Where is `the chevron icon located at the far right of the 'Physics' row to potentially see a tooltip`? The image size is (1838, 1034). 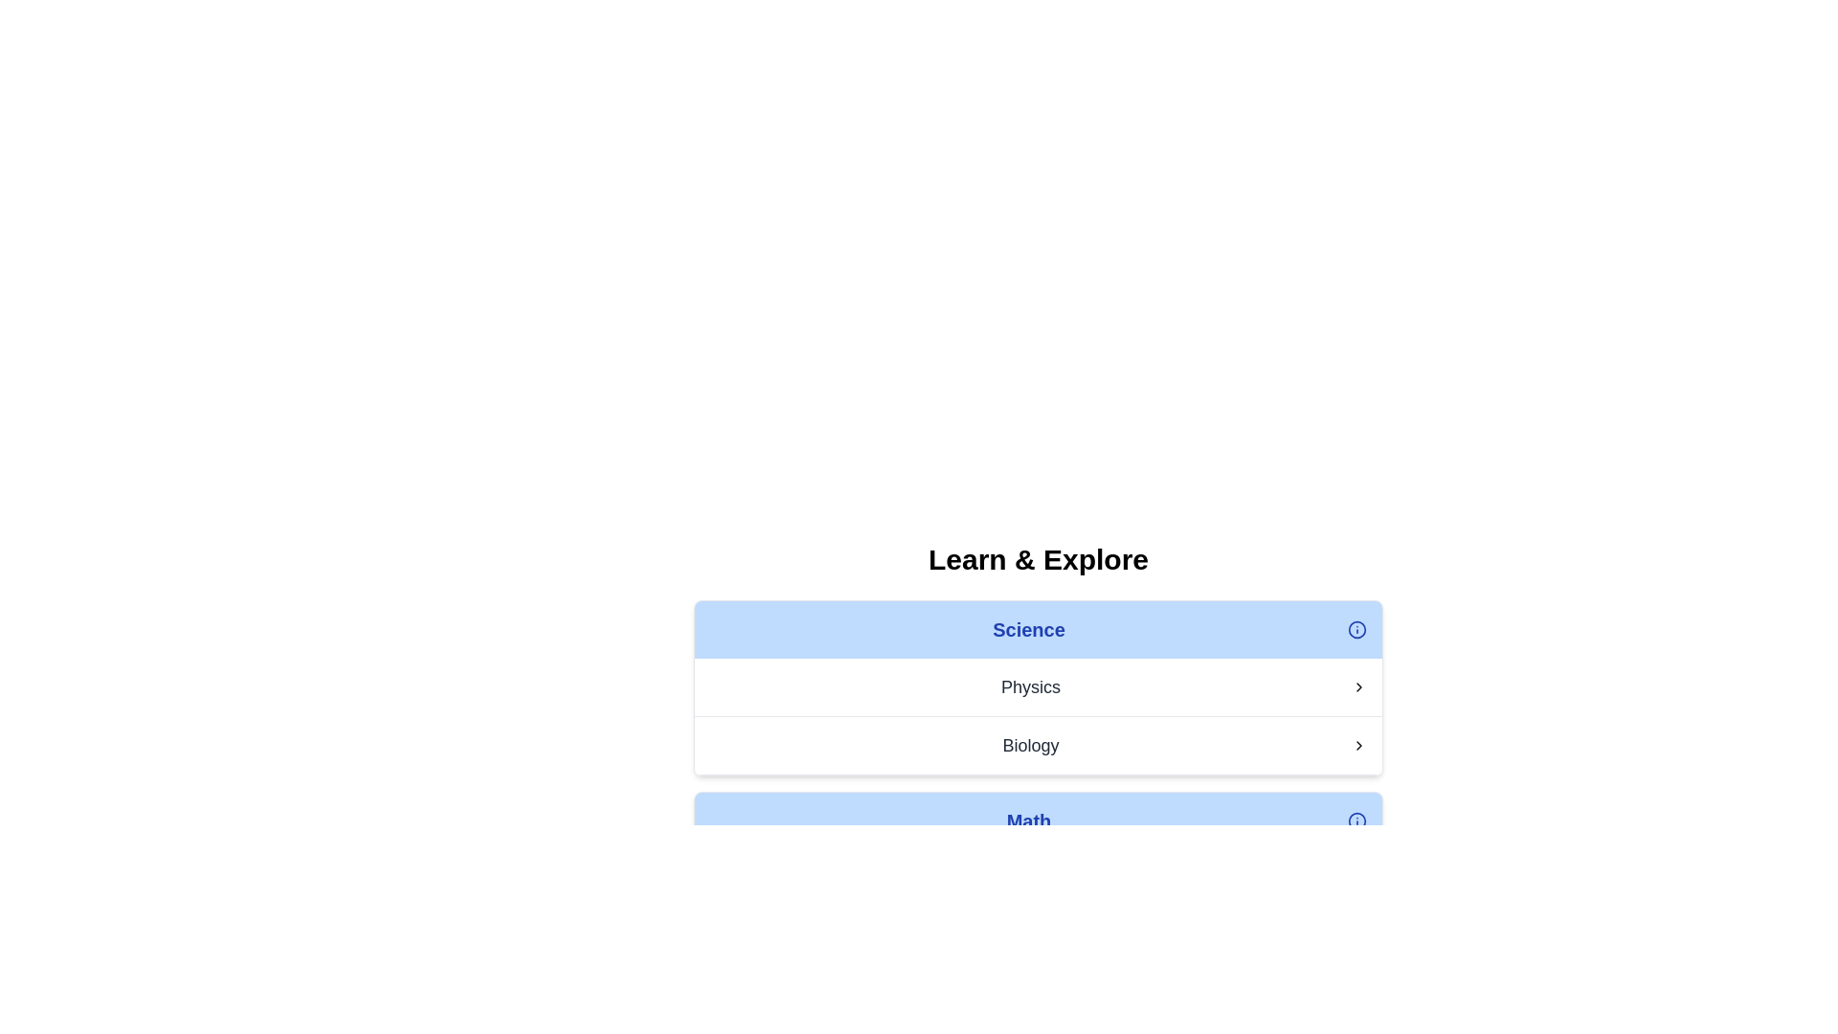 the chevron icon located at the far right of the 'Physics' row to potentially see a tooltip is located at coordinates (1358, 686).